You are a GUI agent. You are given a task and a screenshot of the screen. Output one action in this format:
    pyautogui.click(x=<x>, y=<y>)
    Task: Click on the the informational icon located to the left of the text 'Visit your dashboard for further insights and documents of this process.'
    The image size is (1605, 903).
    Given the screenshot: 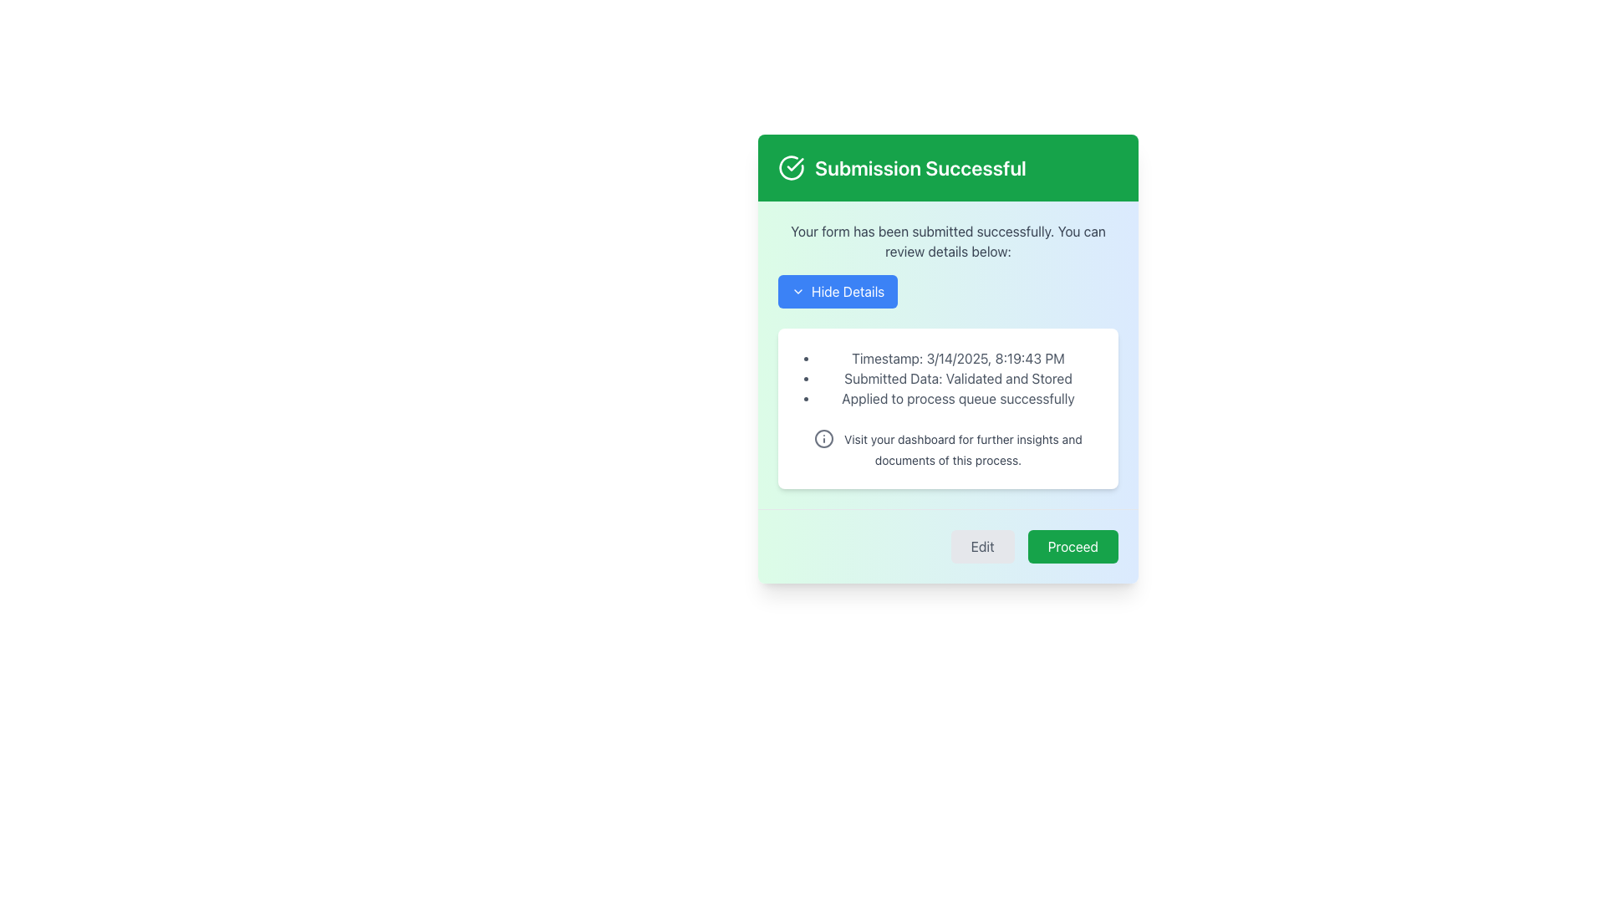 What is the action you would take?
    pyautogui.click(x=823, y=437)
    